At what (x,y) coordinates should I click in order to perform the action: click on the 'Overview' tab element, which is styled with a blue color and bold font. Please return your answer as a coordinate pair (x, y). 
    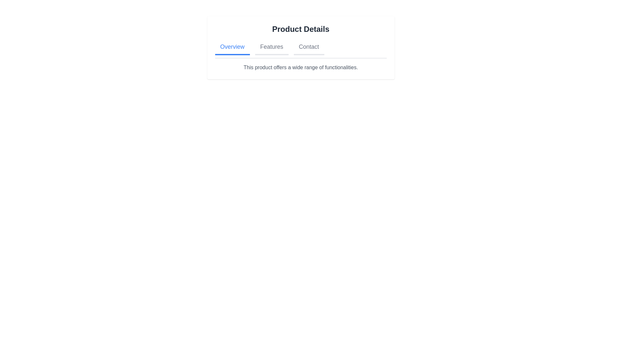
    Looking at the image, I should click on (232, 47).